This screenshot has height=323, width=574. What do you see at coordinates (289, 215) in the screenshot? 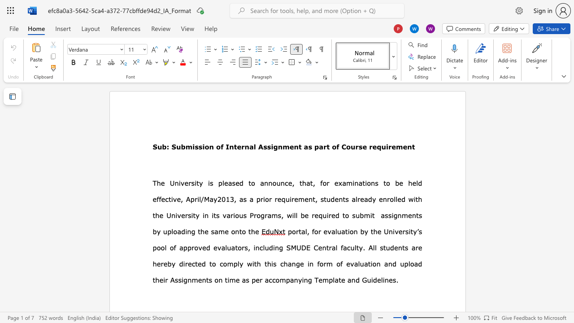
I see `the 1th character "w" in the text` at bounding box center [289, 215].